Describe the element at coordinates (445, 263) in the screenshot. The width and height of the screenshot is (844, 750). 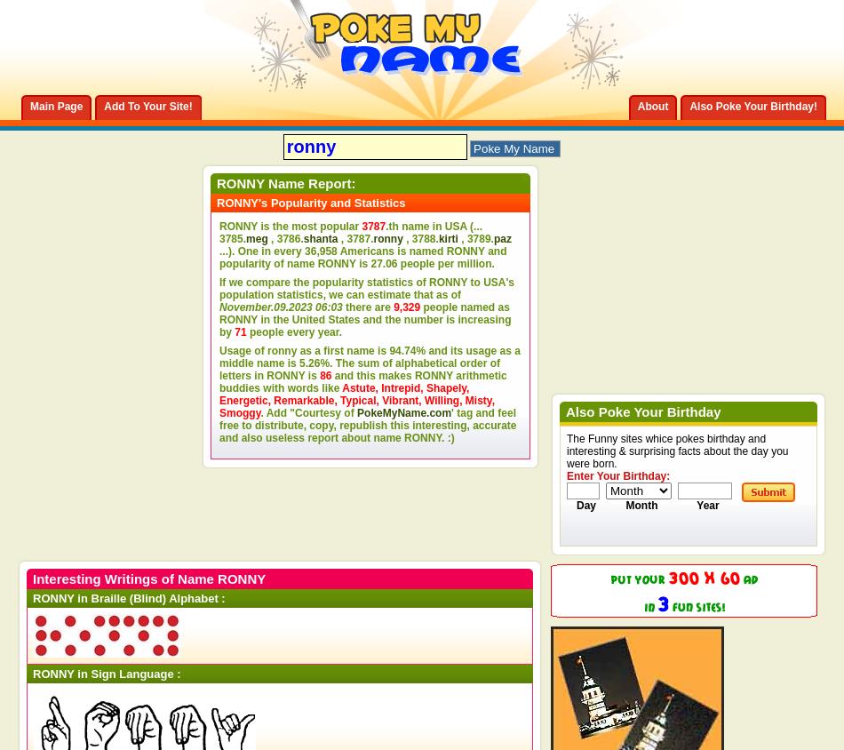
I see `'people per million.'` at that location.